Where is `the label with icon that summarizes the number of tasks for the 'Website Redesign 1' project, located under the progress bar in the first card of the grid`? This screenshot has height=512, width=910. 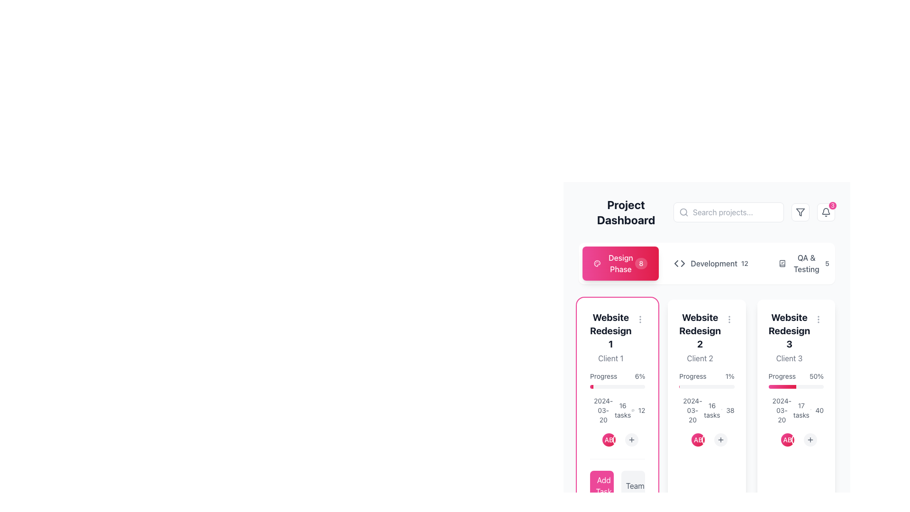 the label with icon that summarizes the number of tasks for the 'Website Redesign 1' project, located under the progress bar in the first card of the grid is located at coordinates (618, 410).